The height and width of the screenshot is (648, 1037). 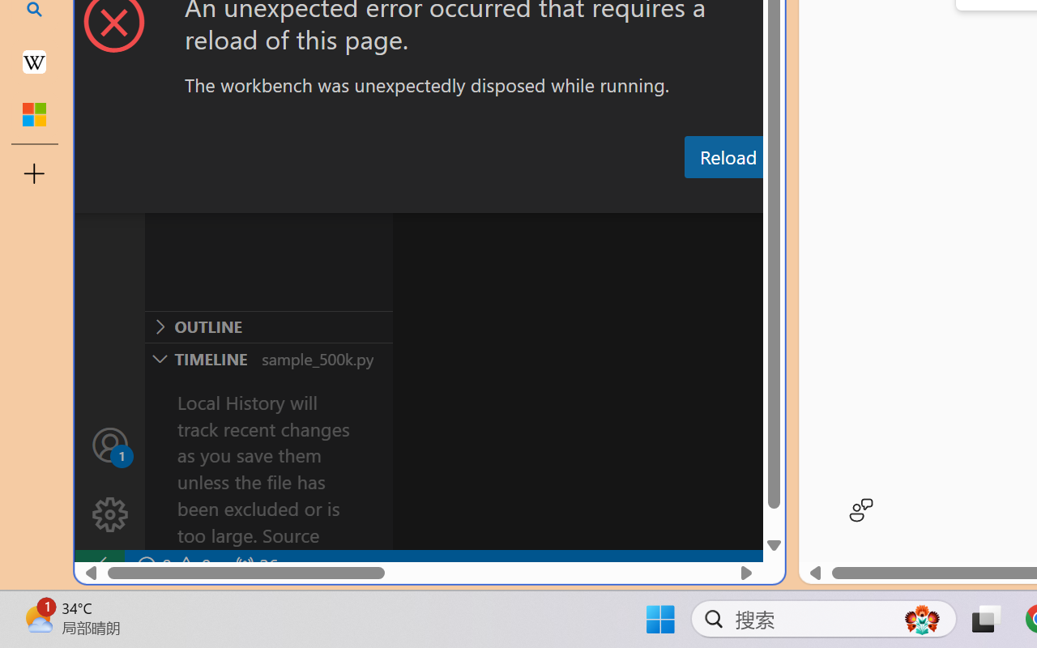 I want to click on 'Accounts - Sign in requested', so click(x=109, y=444).